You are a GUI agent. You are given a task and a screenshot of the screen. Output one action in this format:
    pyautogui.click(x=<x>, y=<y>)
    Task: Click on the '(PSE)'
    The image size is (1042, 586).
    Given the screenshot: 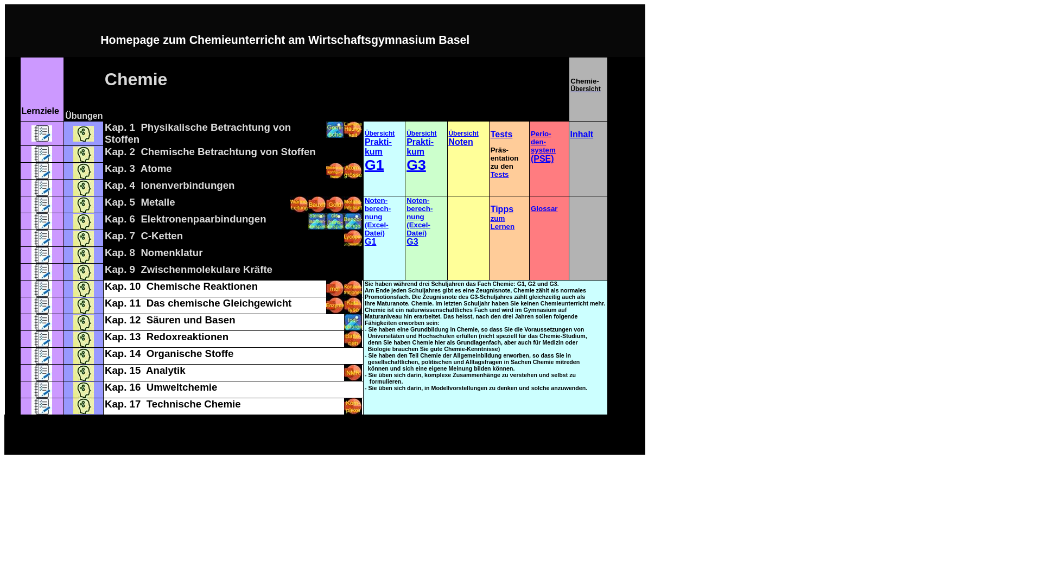 What is the action you would take?
    pyautogui.click(x=542, y=158)
    